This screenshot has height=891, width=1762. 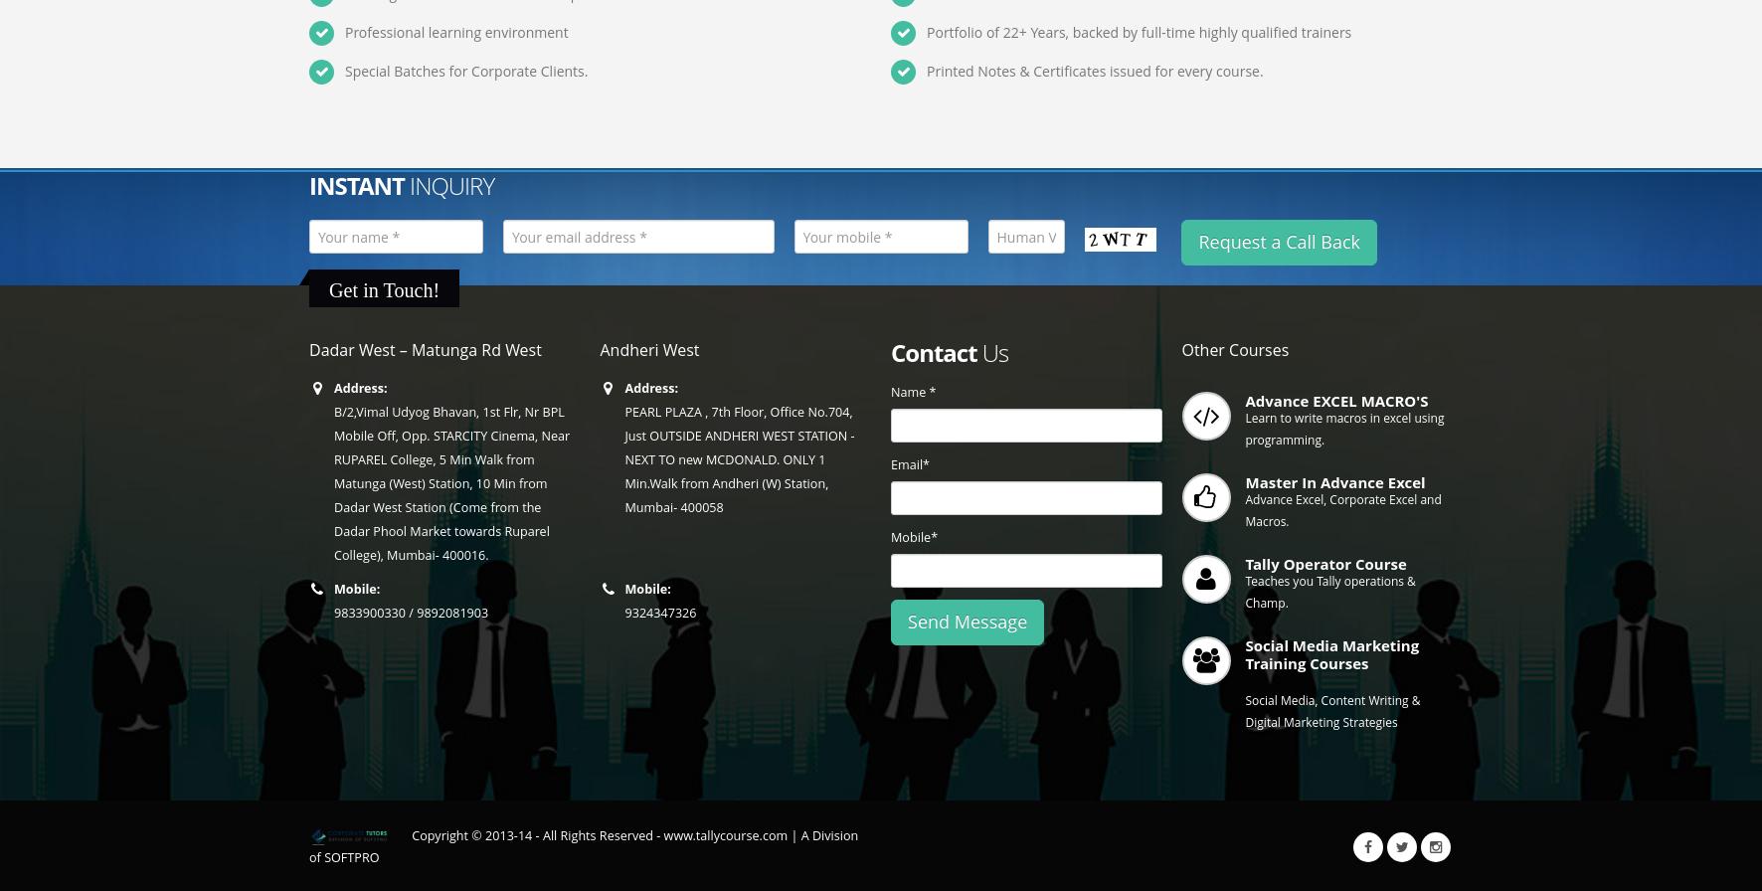 What do you see at coordinates (909, 463) in the screenshot?
I see `'Email*'` at bounding box center [909, 463].